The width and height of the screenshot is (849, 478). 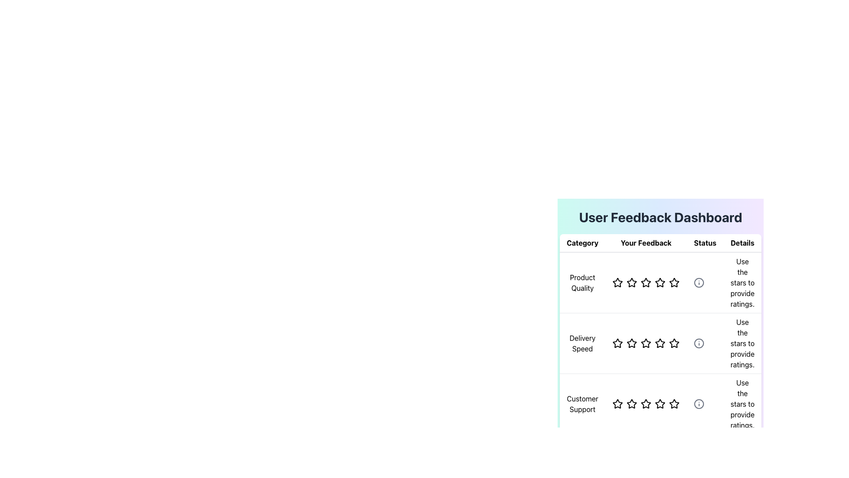 What do you see at coordinates (631, 283) in the screenshot?
I see `the second star in the row of rating stars for the 'Product Quality' category` at bounding box center [631, 283].